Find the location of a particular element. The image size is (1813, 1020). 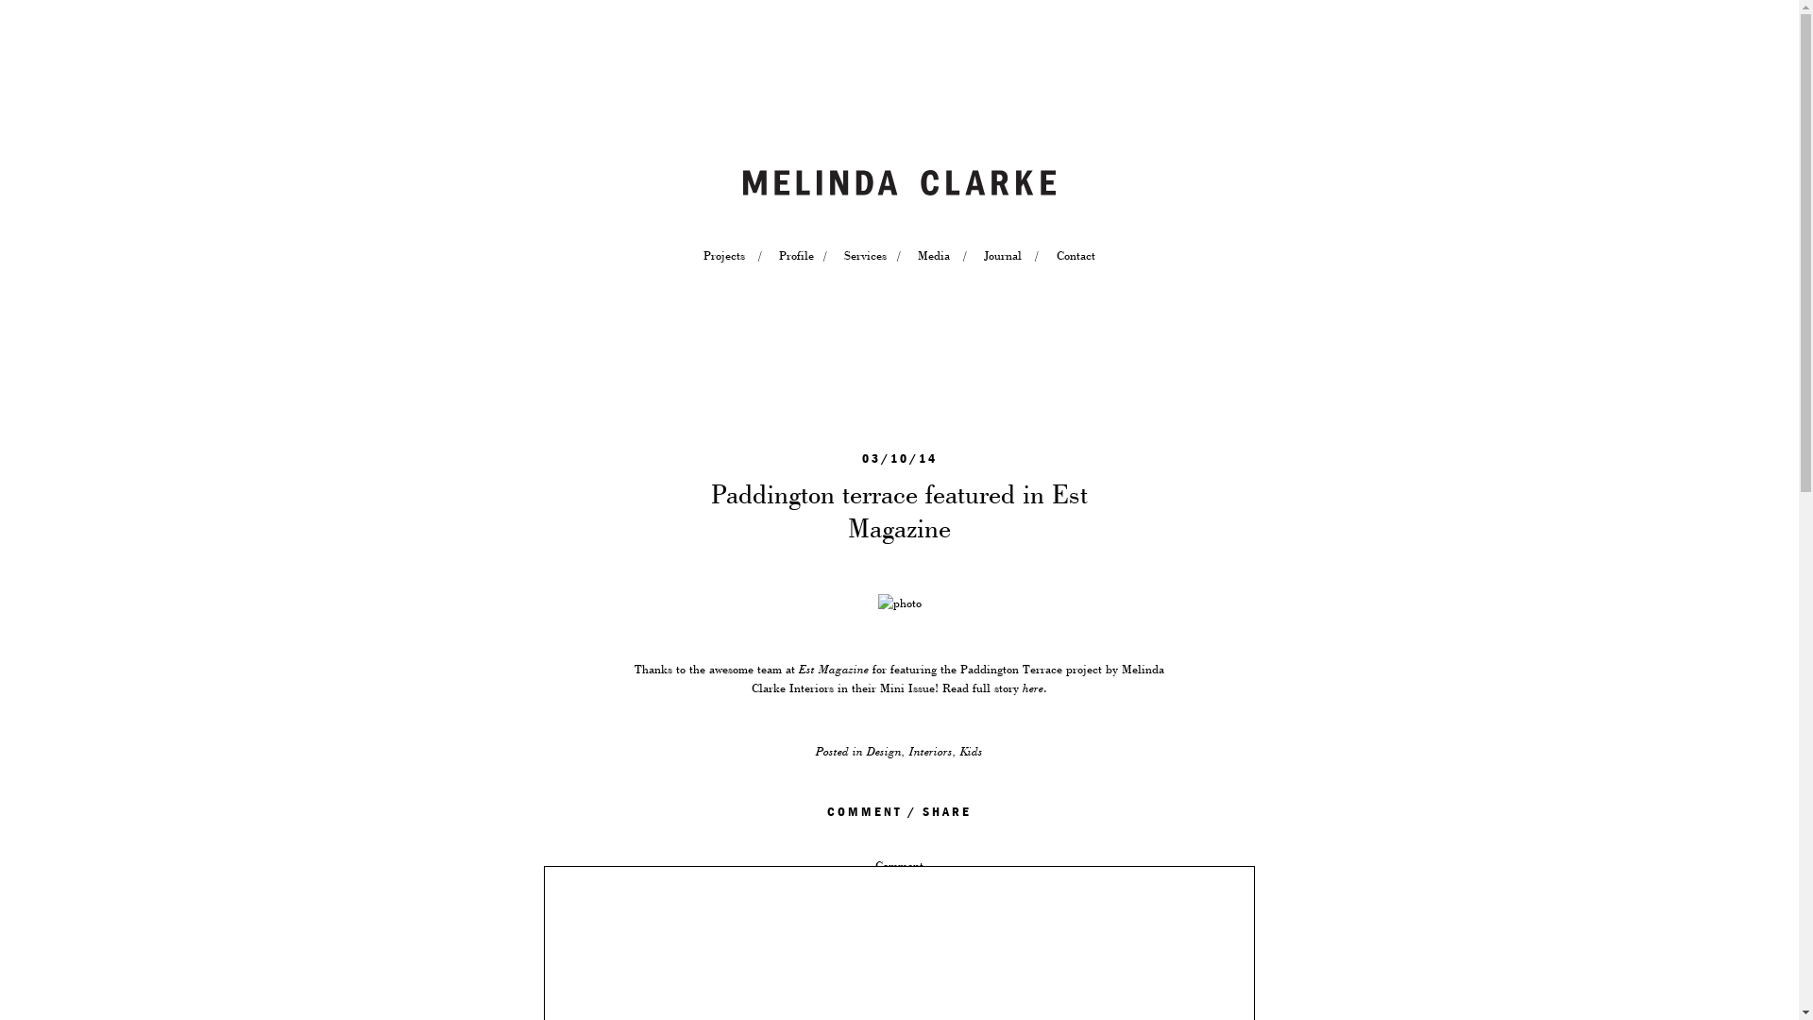

'SHARE' is located at coordinates (947, 811).